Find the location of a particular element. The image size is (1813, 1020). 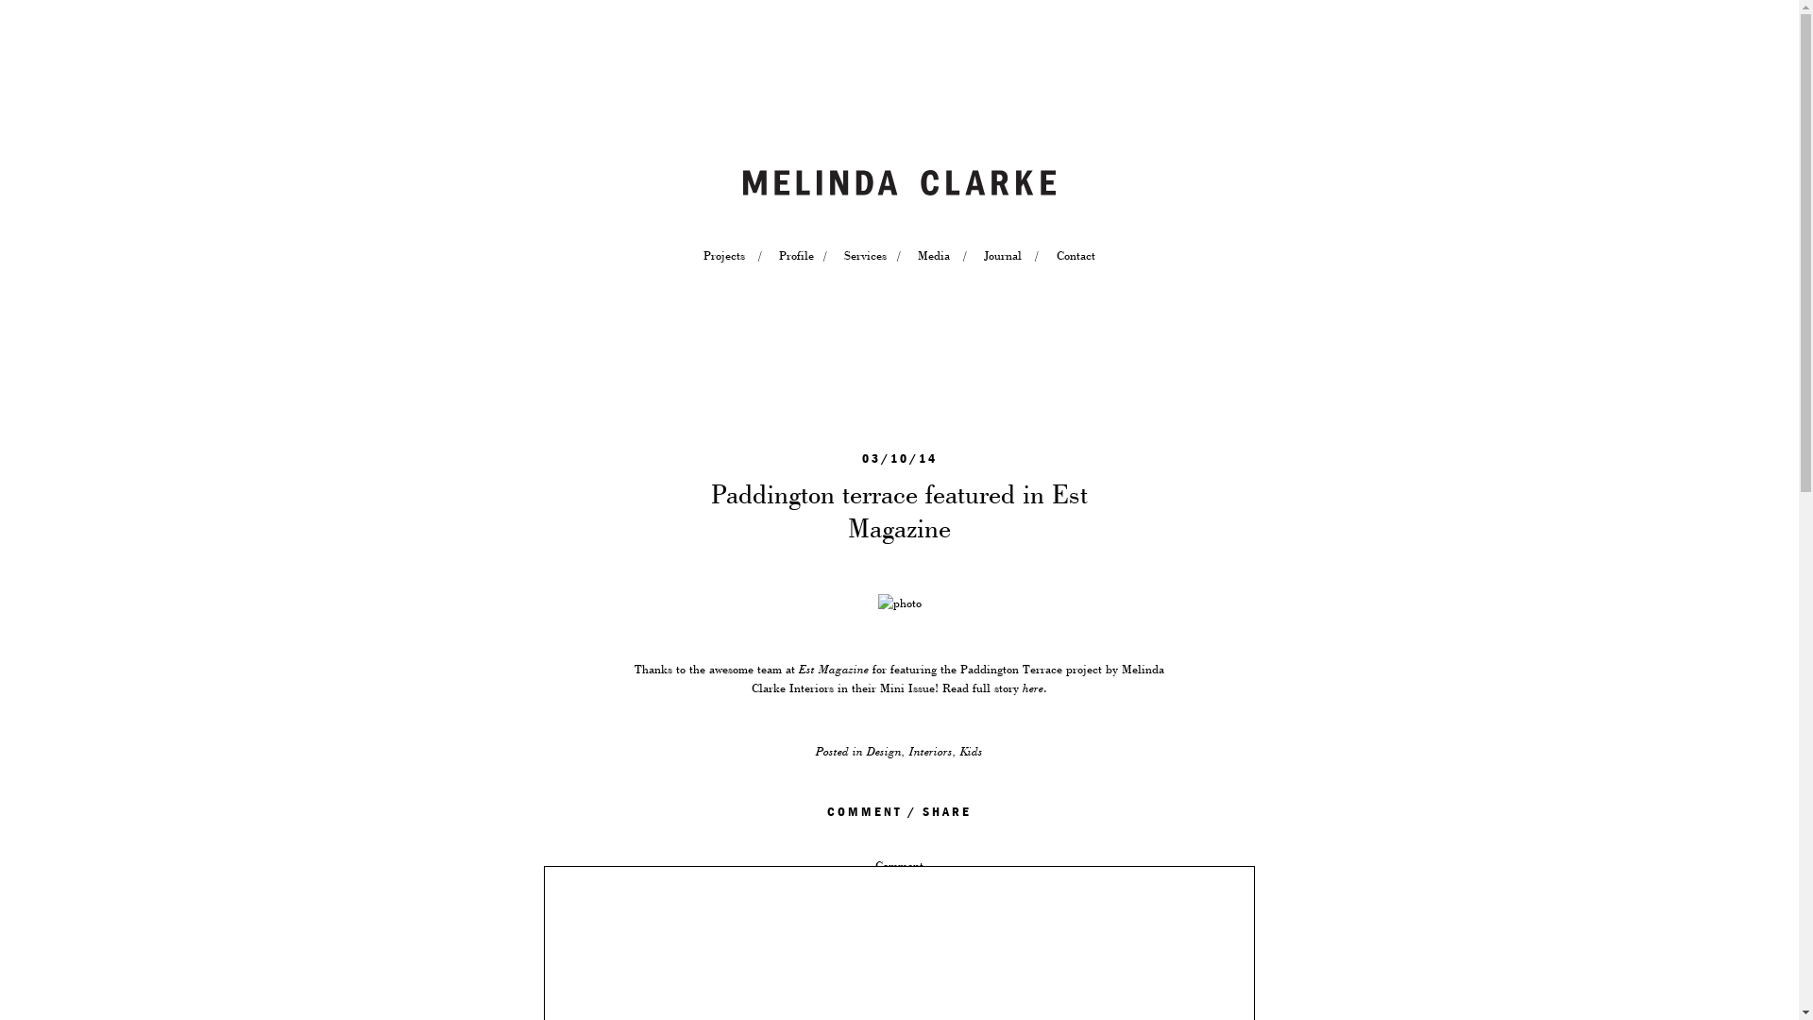

'SHARE' is located at coordinates (947, 811).